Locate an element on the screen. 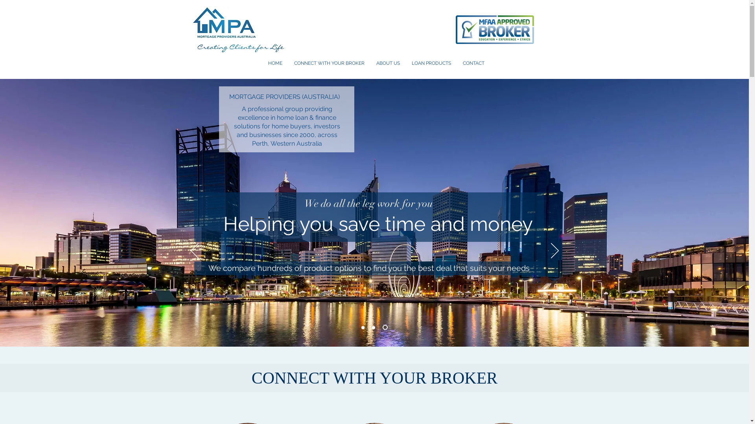 The width and height of the screenshot is (755, 424). 'LOAN PRODUCTS' is located at coordinates (431, 63).